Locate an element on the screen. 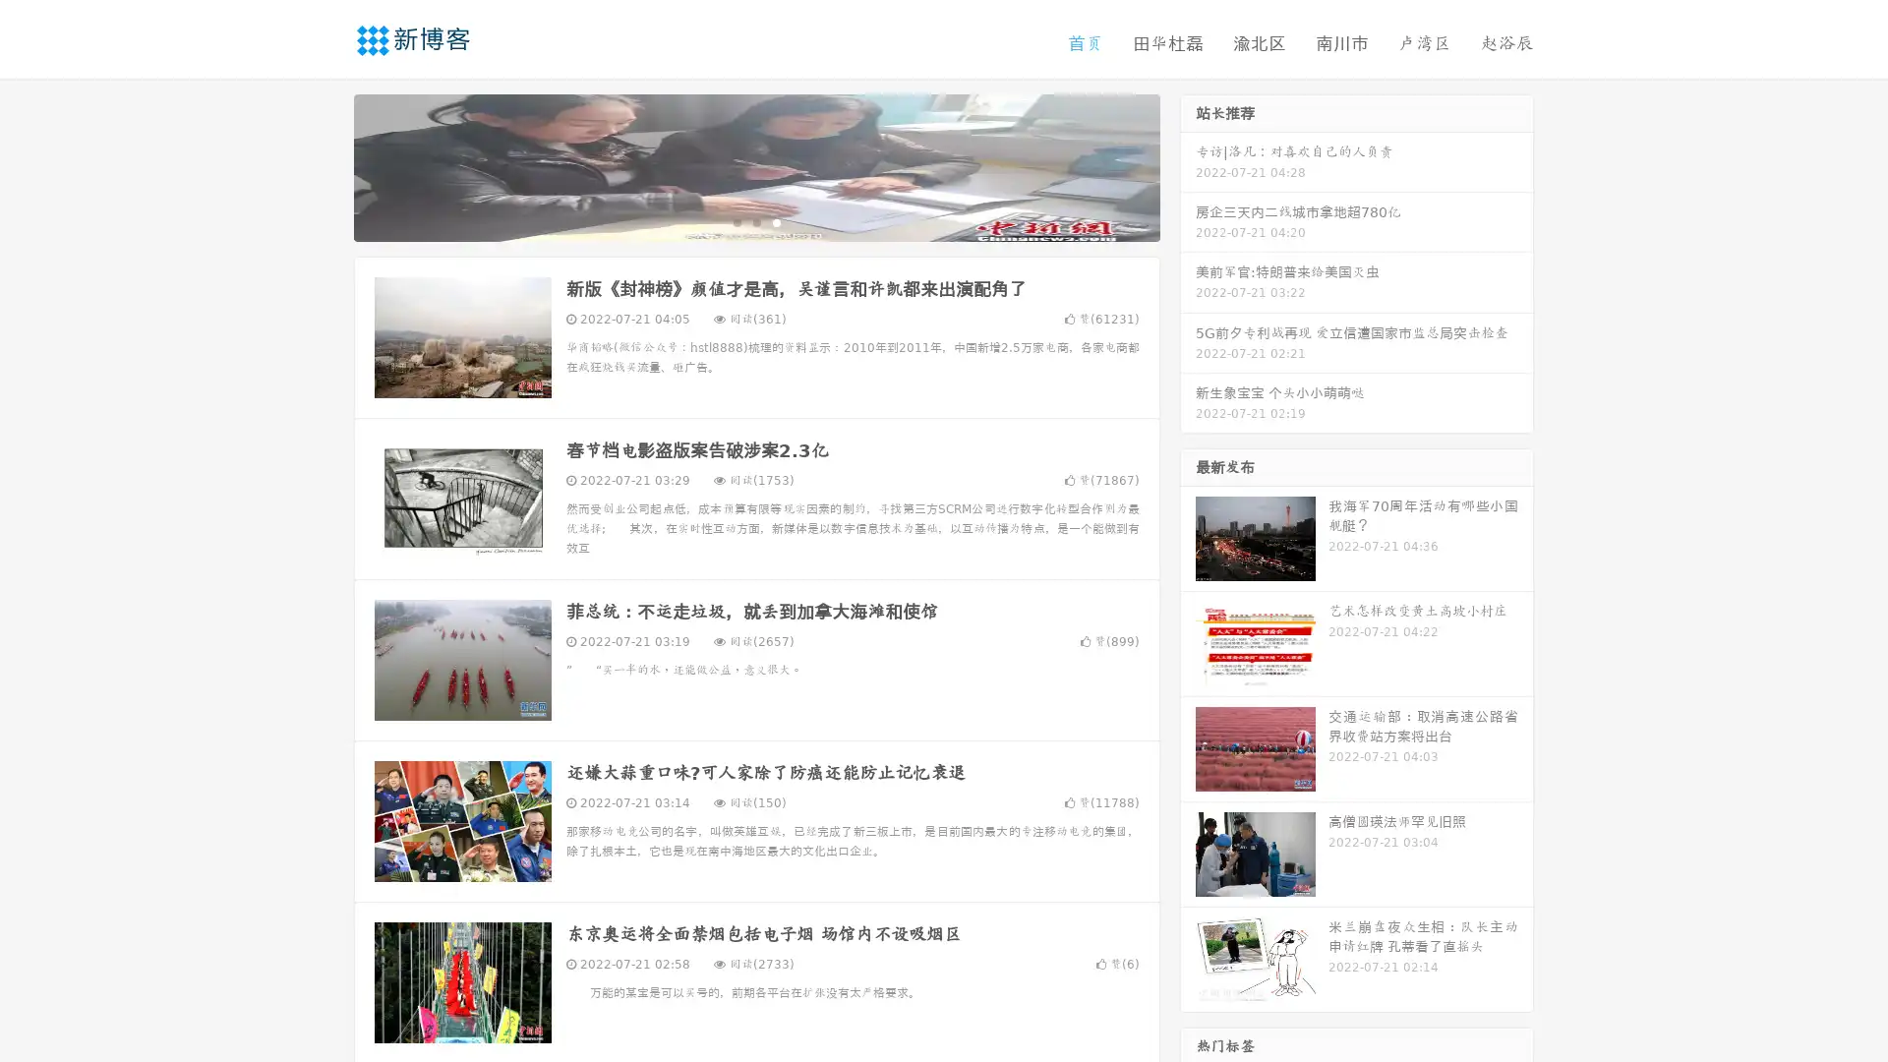 This screenshot has height=1062, width=1888. Go to slide 3 is located at coordinates (776, 221).